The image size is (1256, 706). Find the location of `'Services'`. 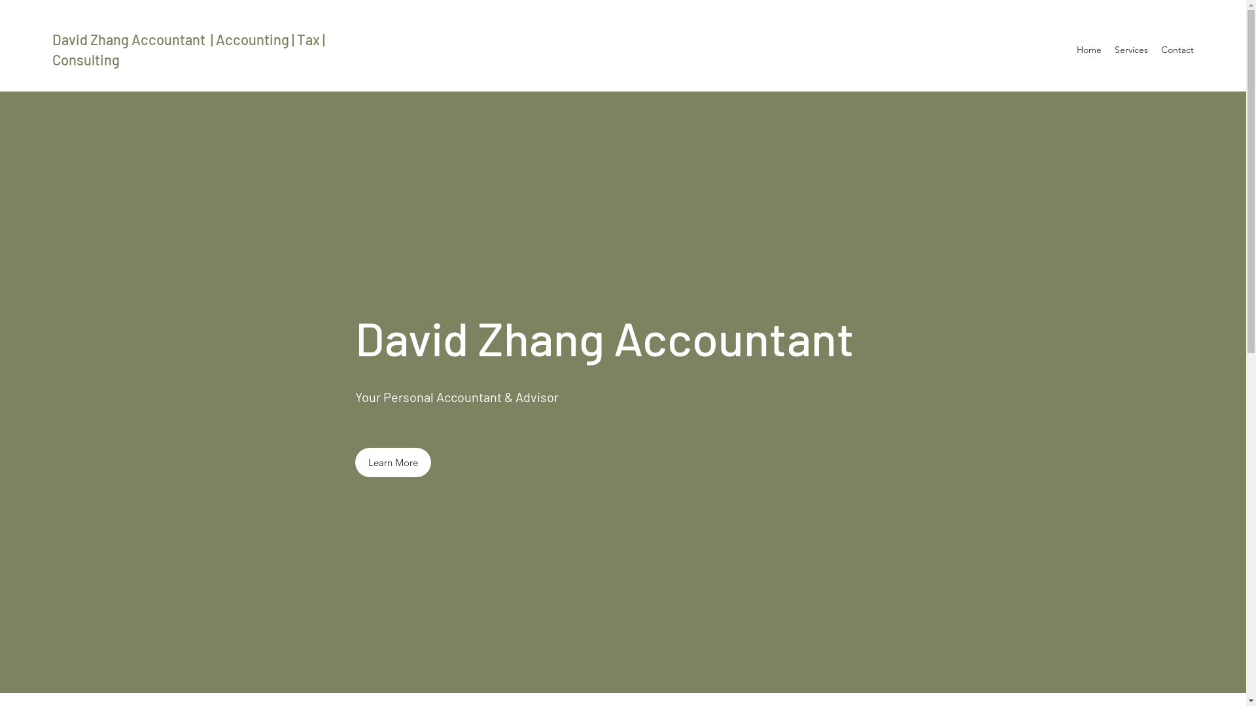

'Services' is located at coordinates (1130, 49).